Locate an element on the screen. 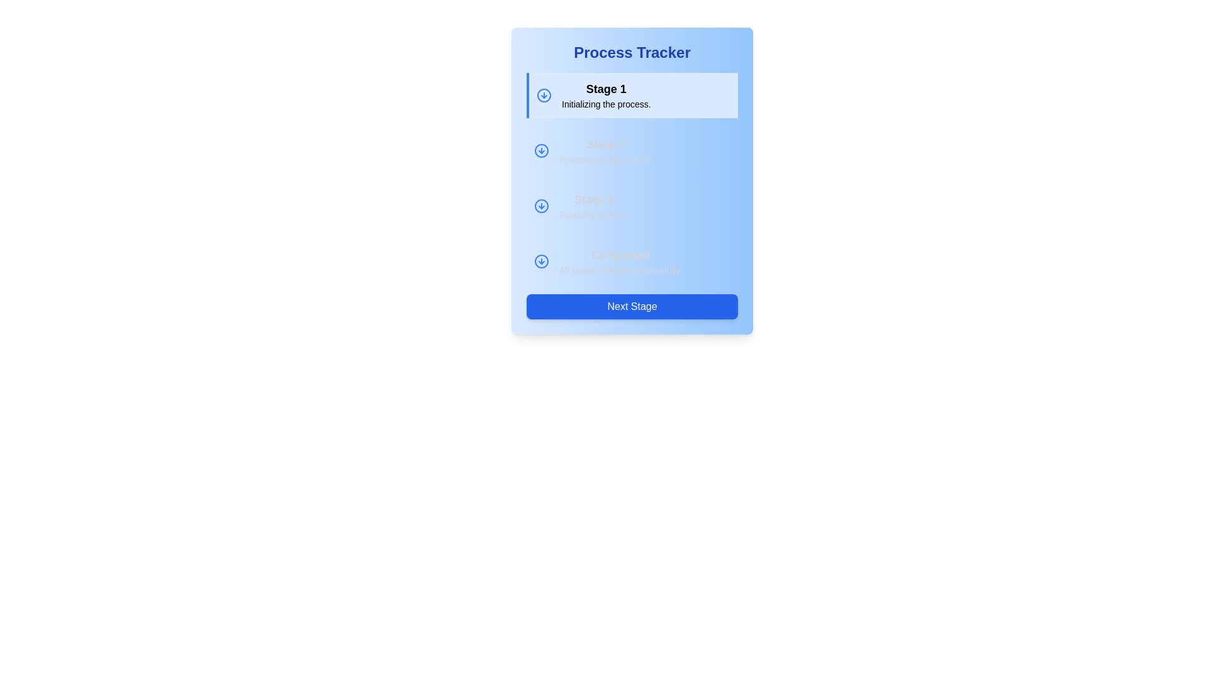 This screenshot has width=1208, height=679. the SVG circle indicating 'Stage 3' in the process tracker is located at coordinates (541, 205).